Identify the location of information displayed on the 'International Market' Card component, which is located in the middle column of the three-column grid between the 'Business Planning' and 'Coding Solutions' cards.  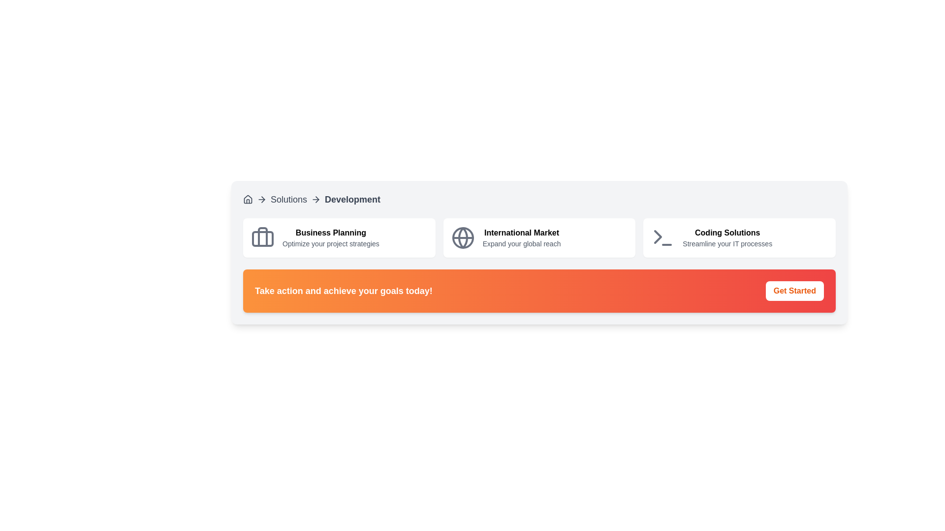
(538, 237).